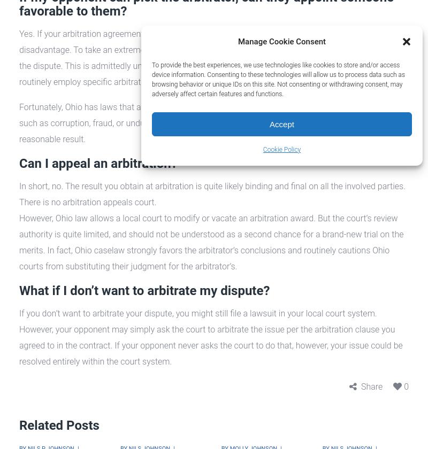 The image size is (428, 449). What do you see at coordinates (209, 57) in the screenshot?
I see `'Yes. If your arbitration agreement allows your opponent to unilaterally select the arbitrator, you are at a disadvantage. To take an extreme example, imagine your opponent selecting their mother to arbitrate the dispute. This is admittedly unlikely to happen. However, it is commonplace for corporations to routinely employ specific arbitrators.'` at bounding box center [209, 57].